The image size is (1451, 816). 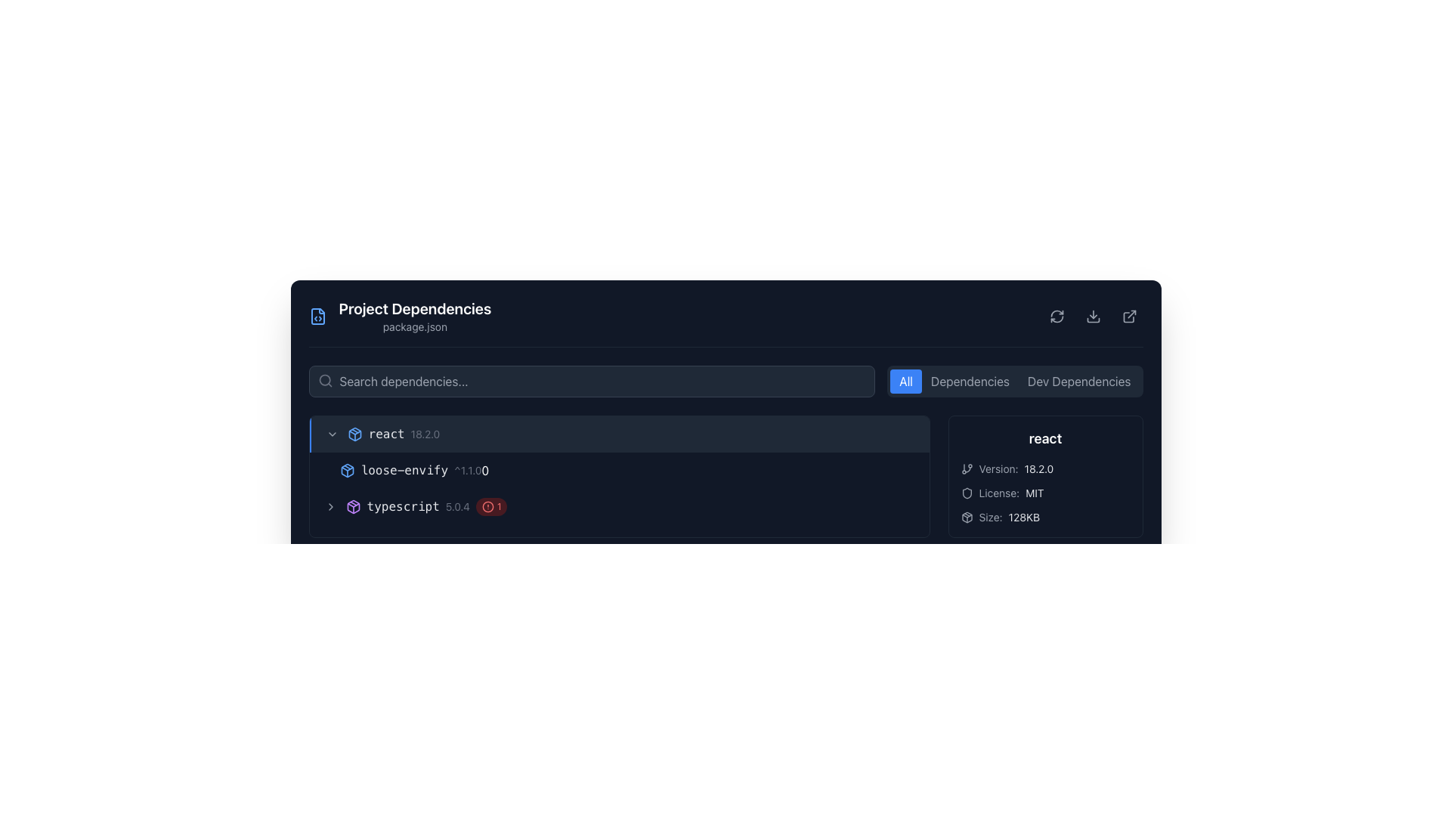 I want to click on the circular refresh arrow button located at the top-right corner of the interface's header section, so click(x=1056, y=316).